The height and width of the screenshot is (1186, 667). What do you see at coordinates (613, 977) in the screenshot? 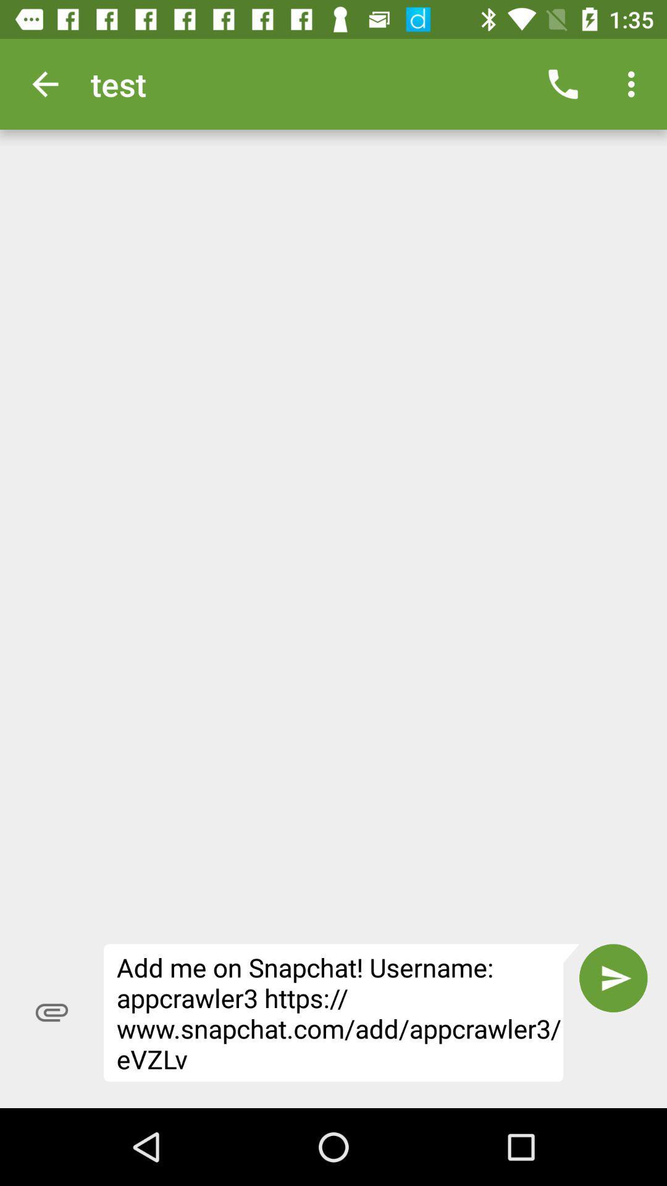
I see `the icon next to the add me on icon` at bounding box center [613, 977].